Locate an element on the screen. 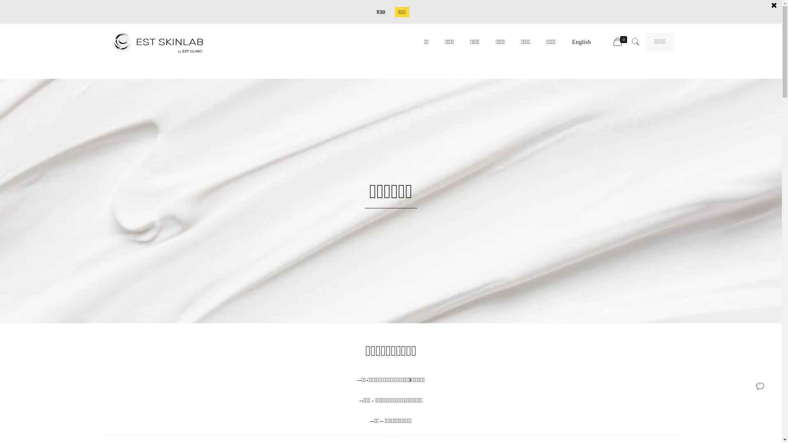 The height and width of the screenshot is (443, 788). 'English' is located at coordinates (581, 41).